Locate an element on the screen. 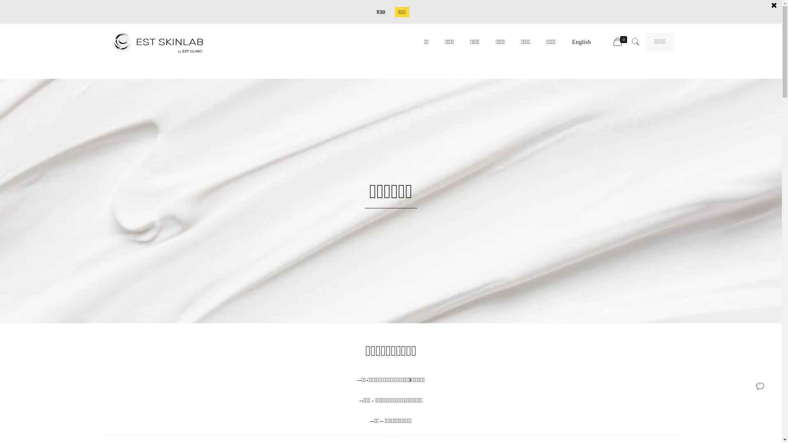 The height and width of the screenshot is (443, 788). 'English' is located at coordinates (581, 41).